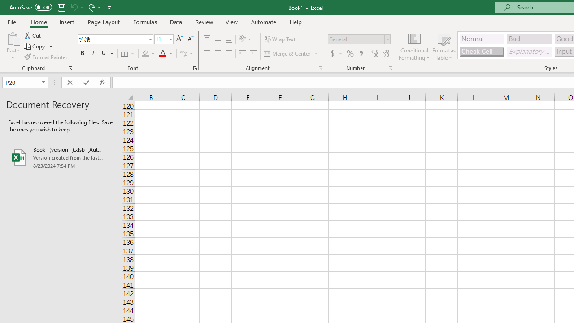 The height and width of the screenshot is (323, 574). What do you see at coordinates (280, 39) in the screenshot?
I see `'Wrap Text'` at bounding box center [280, 39].